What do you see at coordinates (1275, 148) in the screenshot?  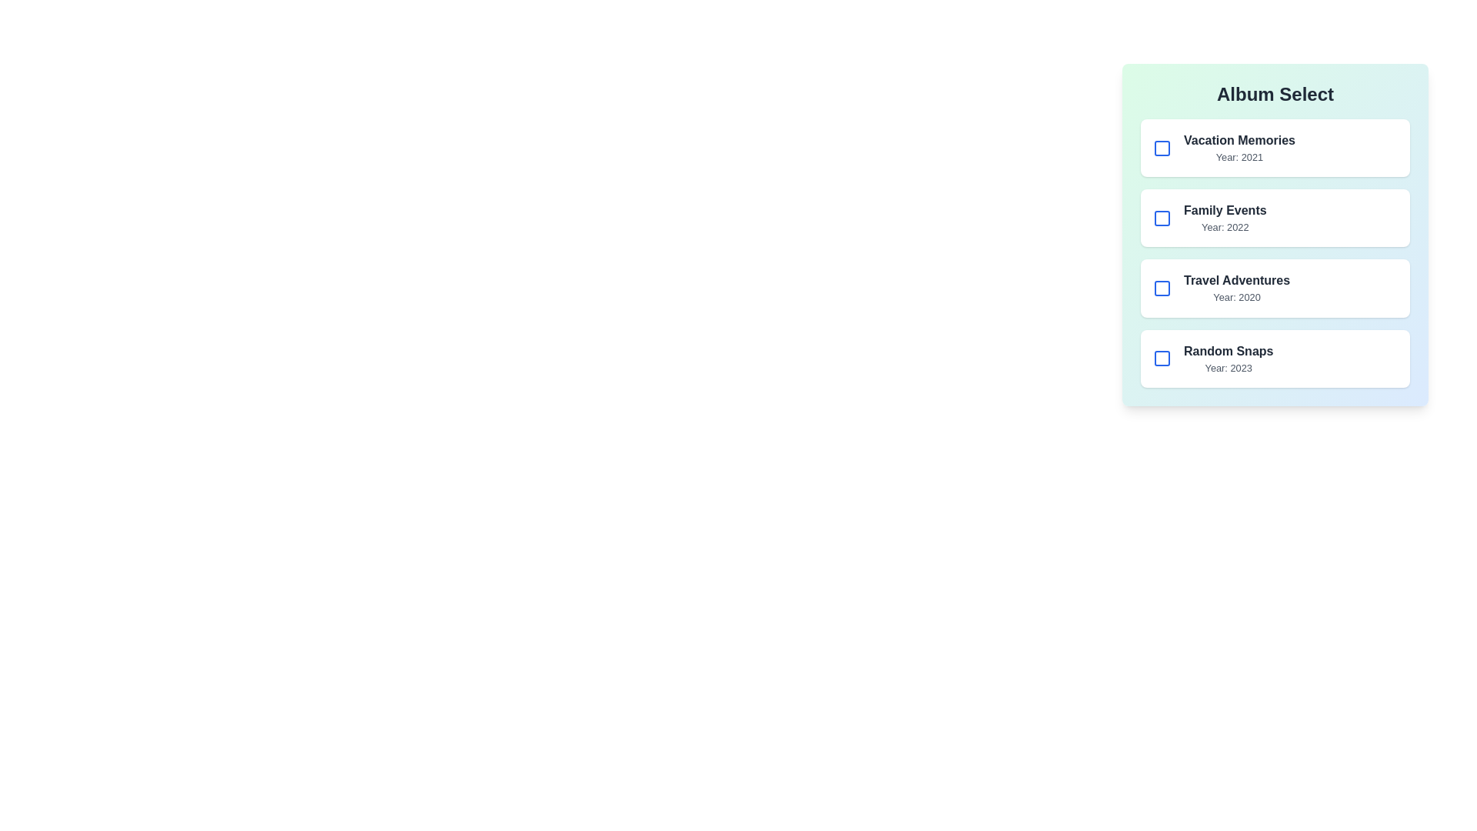 I see `the album item corresponding to Vacation Memories` at bounding box center [1275, 148].